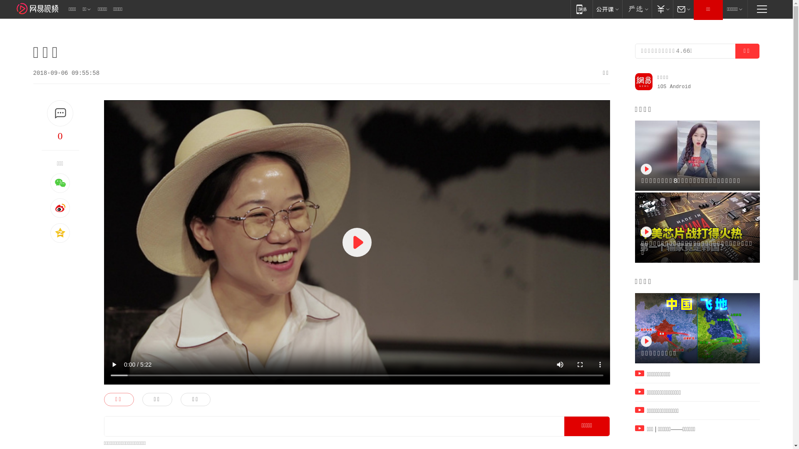 The image size is (799, 449). Describe the element at coordinates (680, 86) in the screenshot. I see `'Android'` at that location.